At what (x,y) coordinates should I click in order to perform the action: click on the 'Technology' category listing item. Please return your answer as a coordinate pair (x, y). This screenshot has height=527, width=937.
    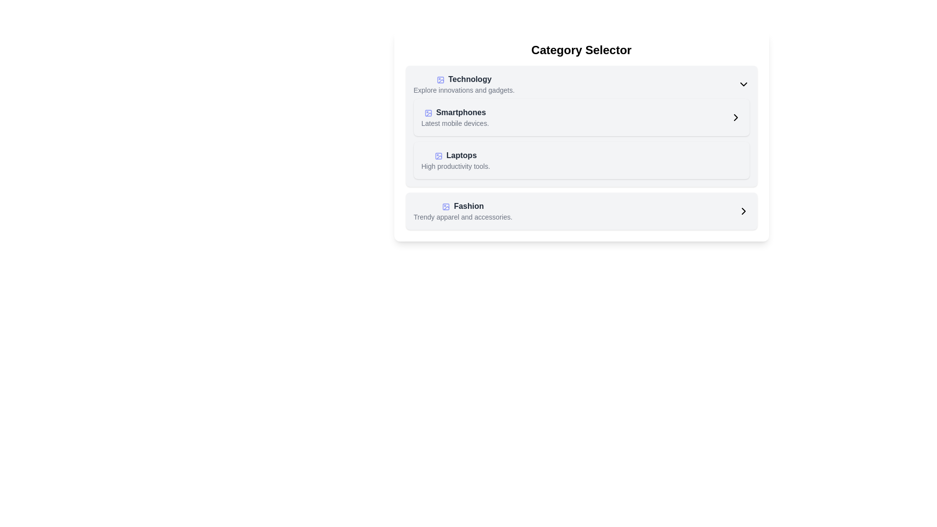
    Looking at the image, I should click on (463, 84).